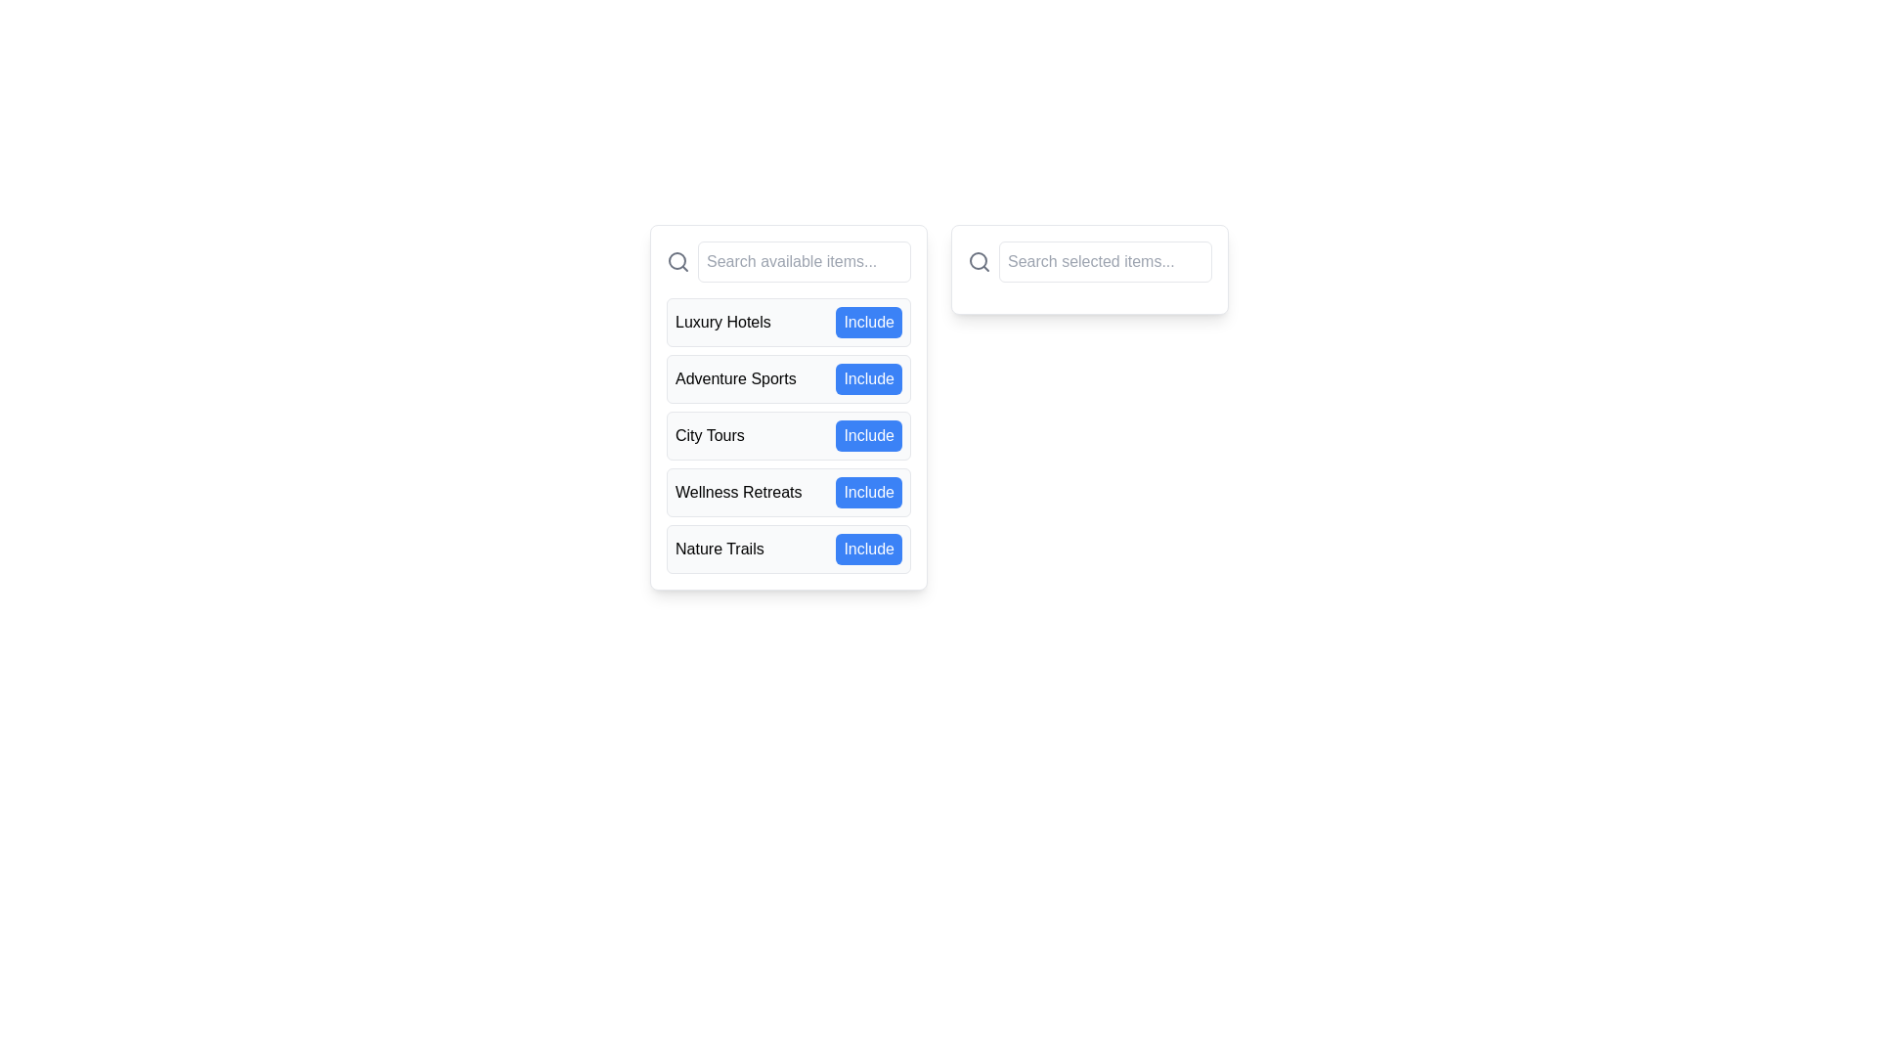 Image resolution: width=1877 pixels, height=1056 pixels. I want to click on the blue 'Include' button with white text located to the right of 'Adventure Sports' in the second list item, so click(867, 379).